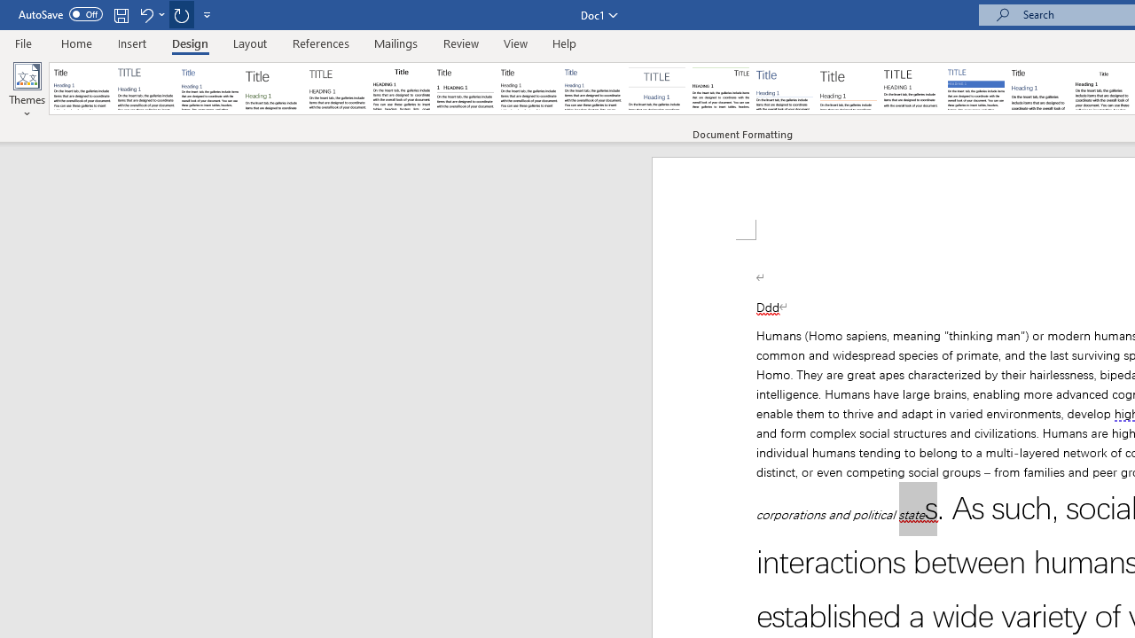 The width and height of the screenshot is (1135, 638). What do you see at coordinates (151, 14) in the screenshot?
I see `'Undo Apply Quick Style Set'` at bounding box center [151, 14].